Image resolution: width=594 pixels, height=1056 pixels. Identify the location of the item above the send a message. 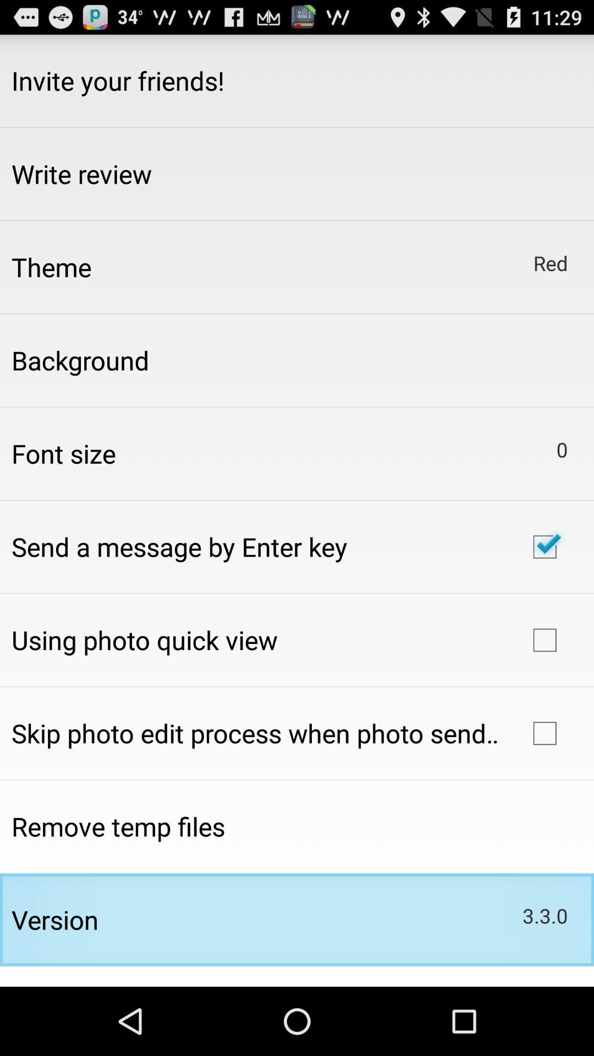
(63, 453).